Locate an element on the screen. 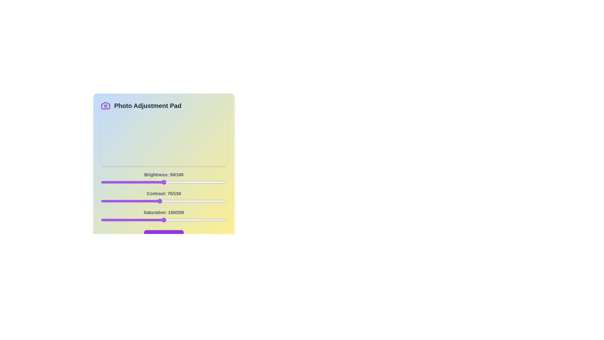  the 0 slider to 55 is located at coordinates (170, 182).